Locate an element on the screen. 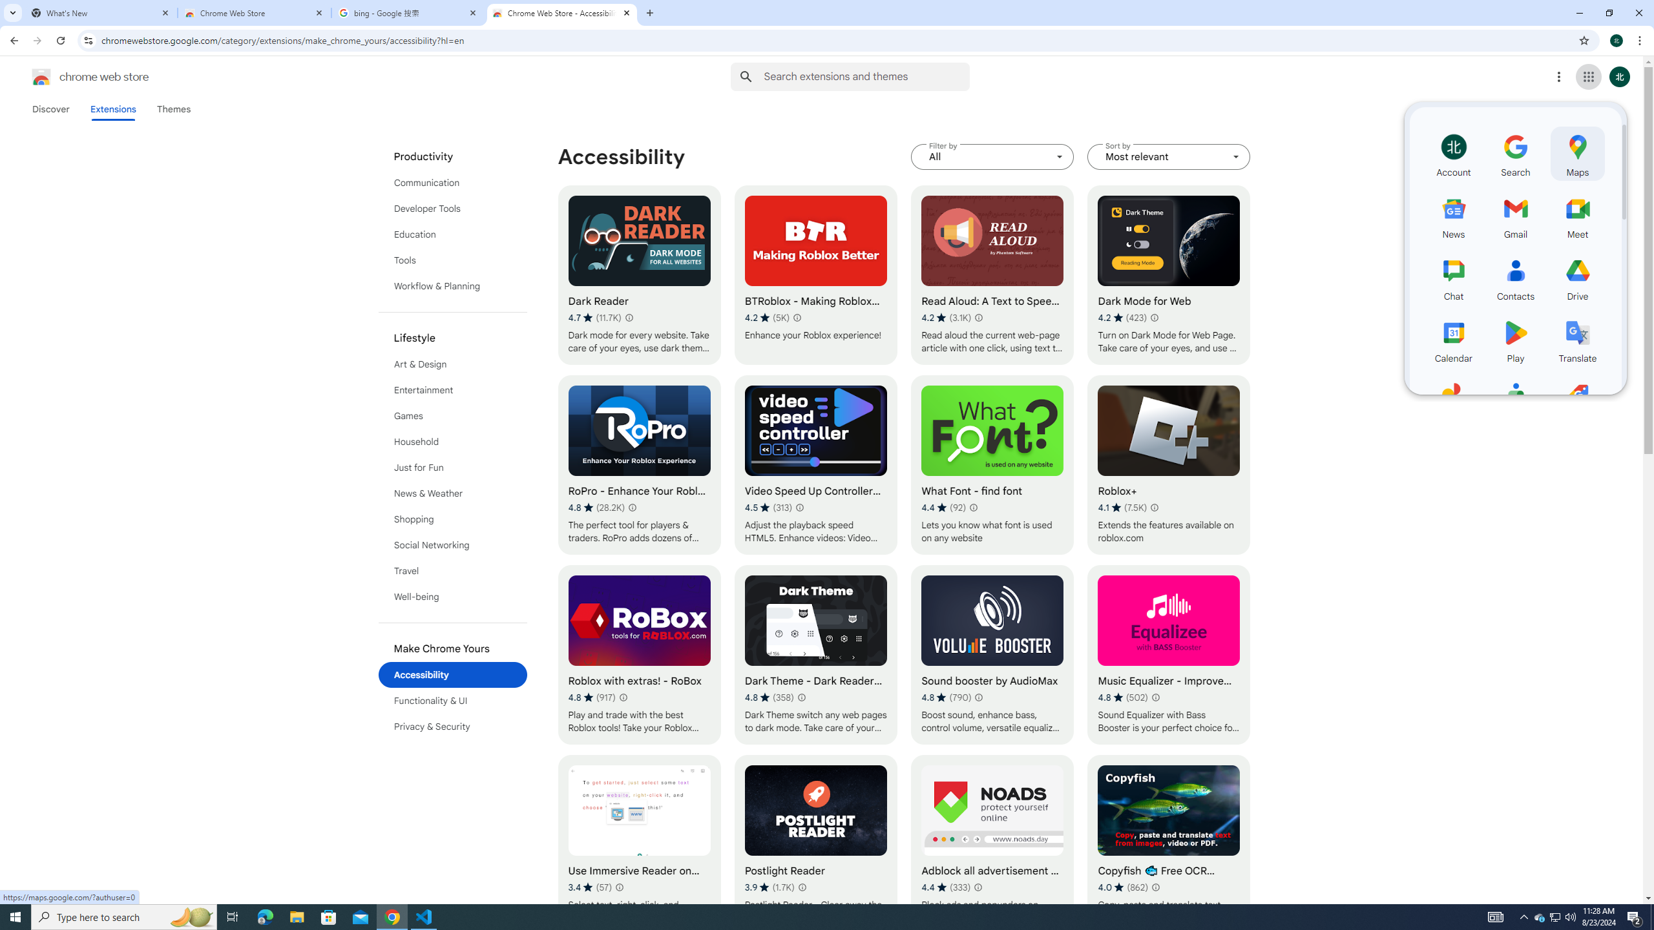 The width and height of the screenshot is (1654, 930). 'Minimize' is located at coordinates (1578, 12).